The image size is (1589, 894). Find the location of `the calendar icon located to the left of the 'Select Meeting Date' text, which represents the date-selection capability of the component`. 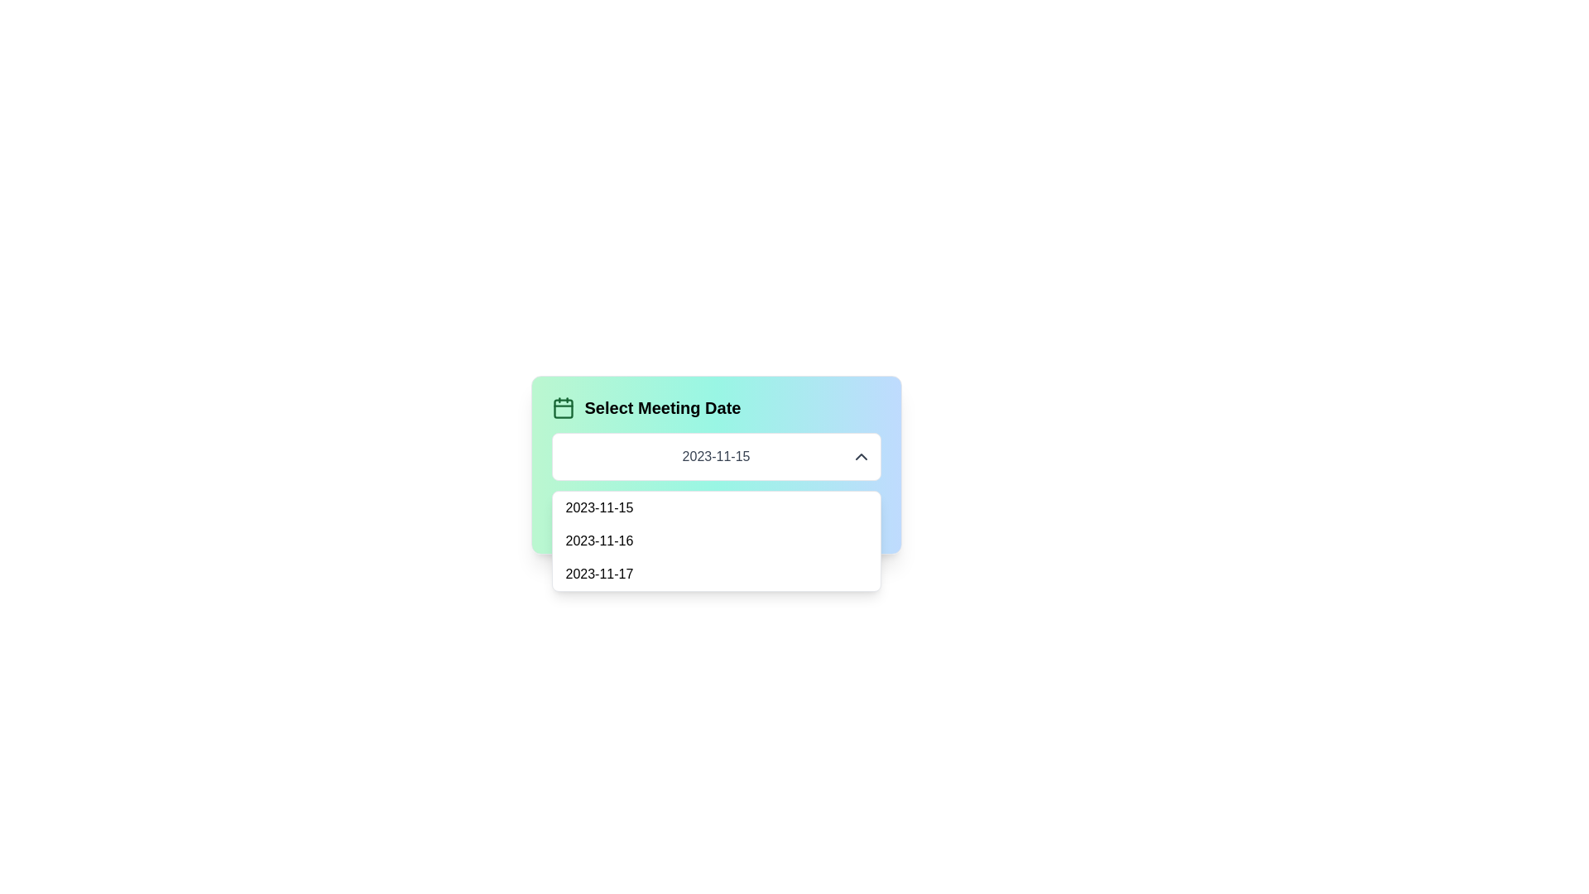

the calendar icon located to the left of the 'Select Meeting Date' text, which represents the date-selection capability of the component is located at coordinates (563, 408).